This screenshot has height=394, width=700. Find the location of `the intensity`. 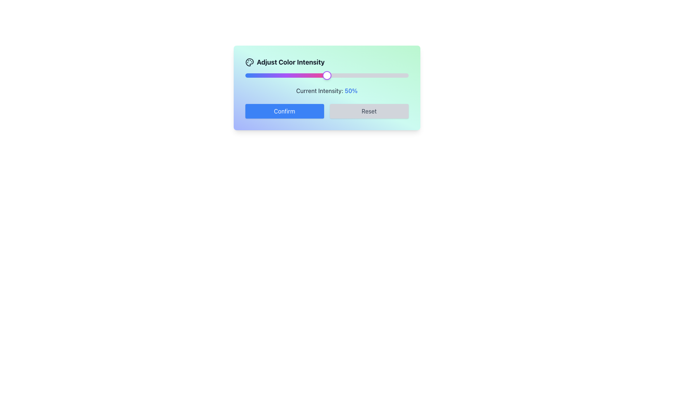

the intensity is located at coordinates (334, 76).